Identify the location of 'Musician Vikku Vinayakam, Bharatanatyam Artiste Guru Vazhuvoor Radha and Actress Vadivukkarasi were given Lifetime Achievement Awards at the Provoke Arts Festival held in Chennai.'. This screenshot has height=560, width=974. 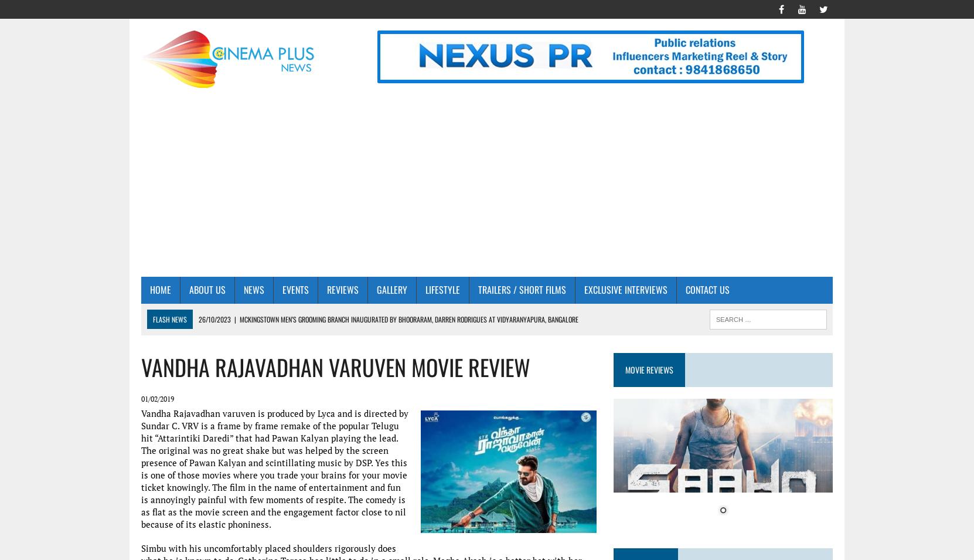
(387, 328).